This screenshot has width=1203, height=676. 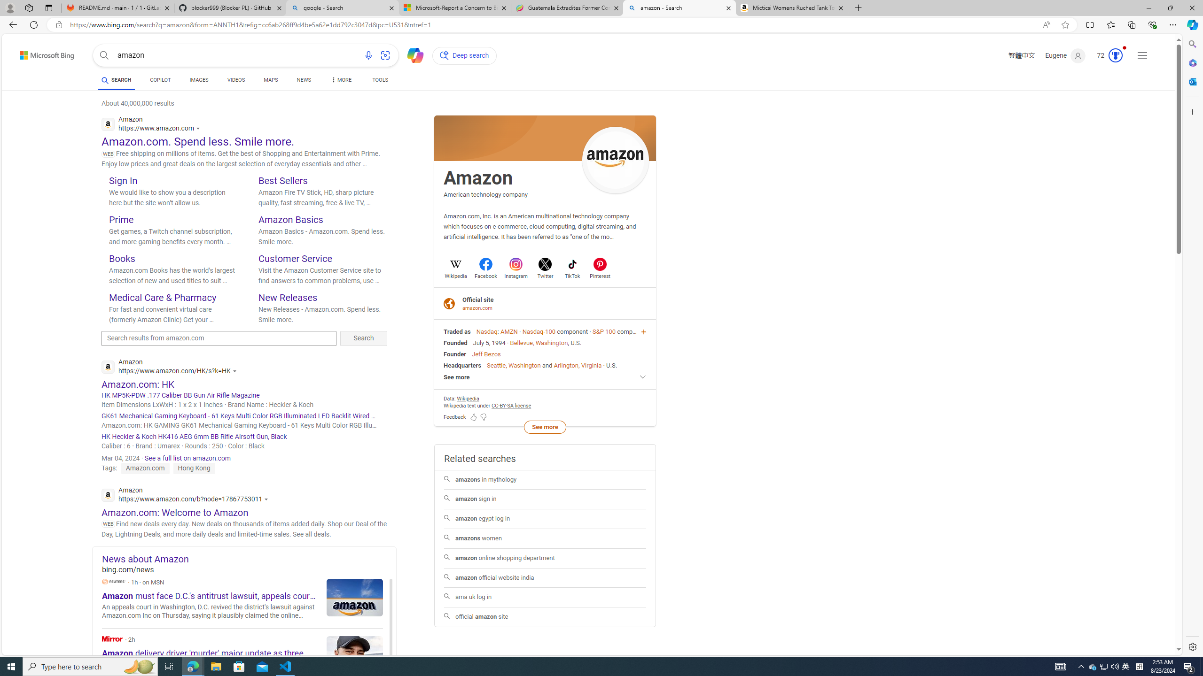 I want to click on 'See a full list on amazon.com', so click(x=187, y=458).